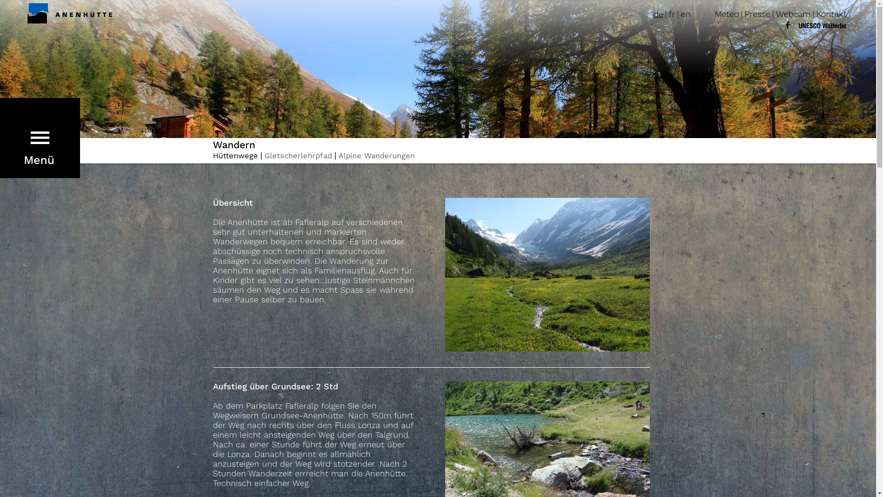  I want to click on 'Meteo', so click(714, 14).